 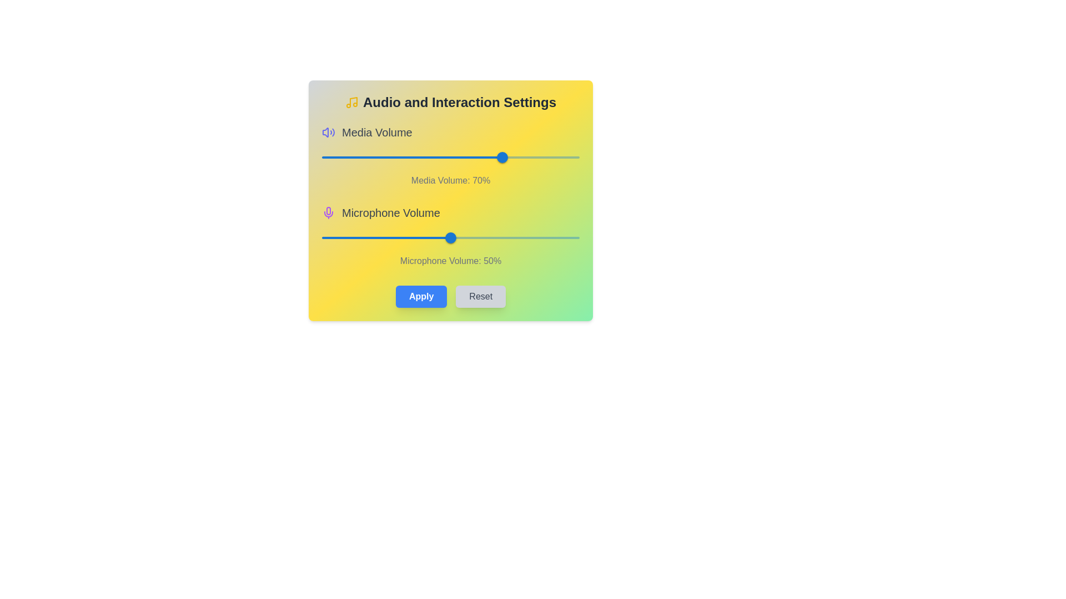 What do you see at coordinates (435, 158) in the screenshot?
I see `the slider value` at bounding box center [435, 158].